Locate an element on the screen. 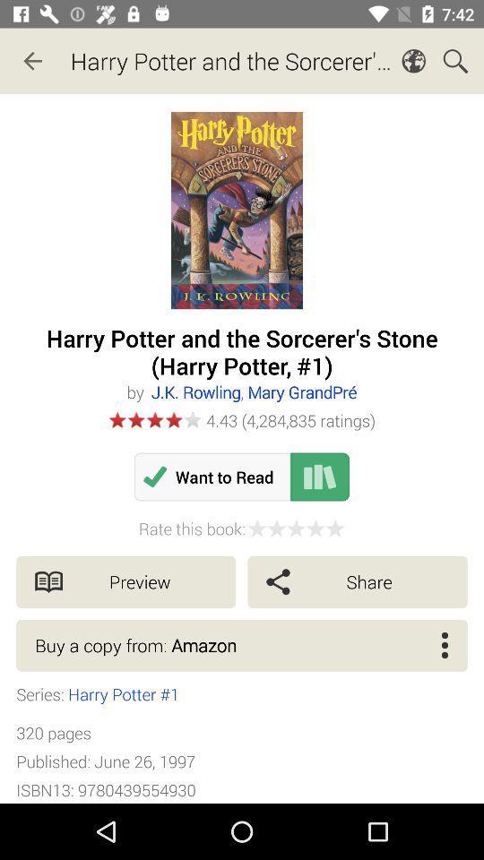 The height and width of the screenshot is (860, 484). share item is located at coordinates (358, 580).